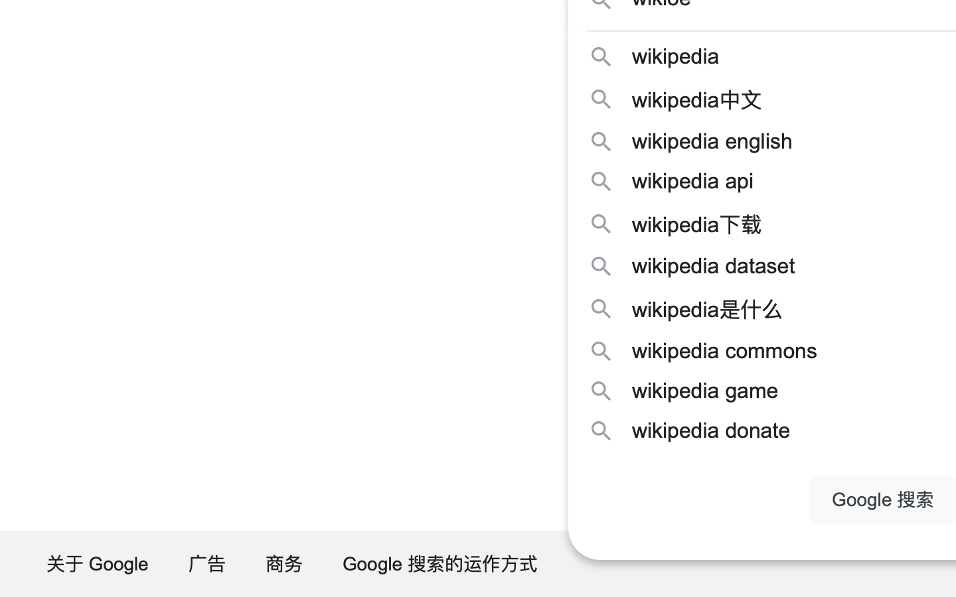  Describe the element at coordinates (440, 563) in the screenshot. I see `'Google 搜索的运作方式'` at that location.